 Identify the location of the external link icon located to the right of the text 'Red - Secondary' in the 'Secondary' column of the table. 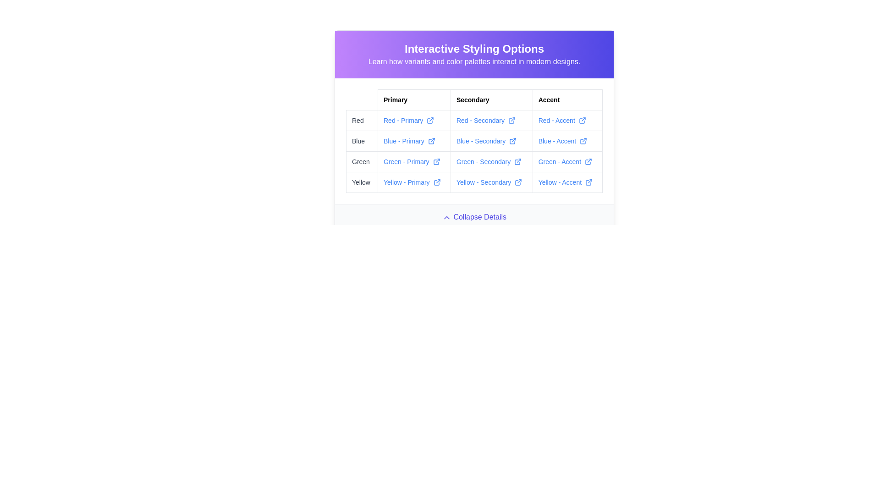
(511, 120).